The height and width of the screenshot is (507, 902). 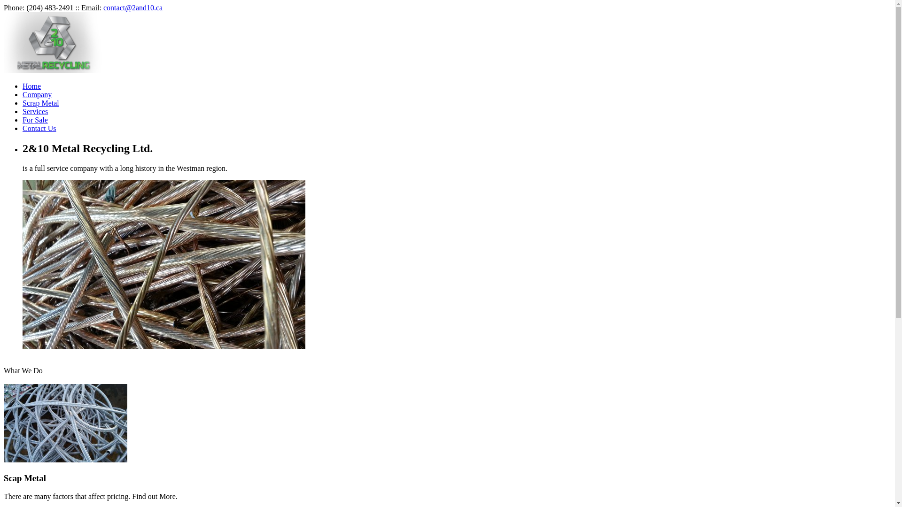 What do you see at coordinates (35, 111) in the screenshot?
I see `'Services'` at bounding box center [35, 111].